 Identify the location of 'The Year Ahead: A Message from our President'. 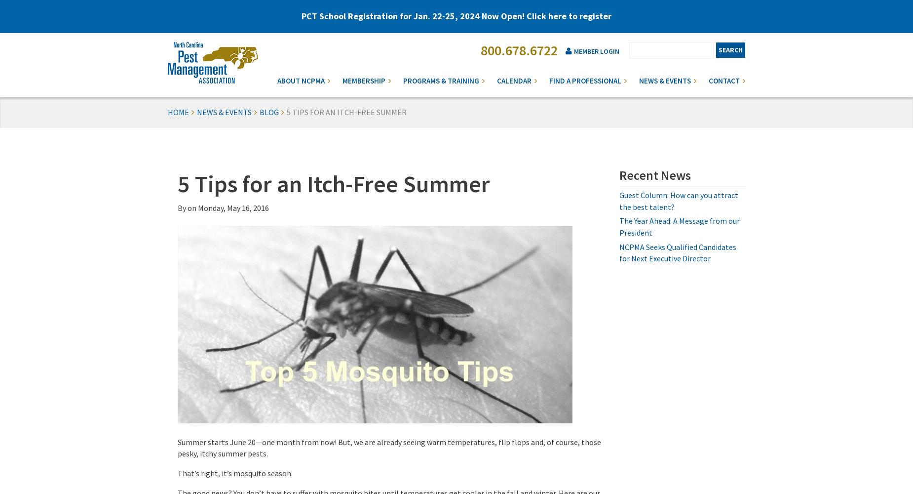
(679, 226).